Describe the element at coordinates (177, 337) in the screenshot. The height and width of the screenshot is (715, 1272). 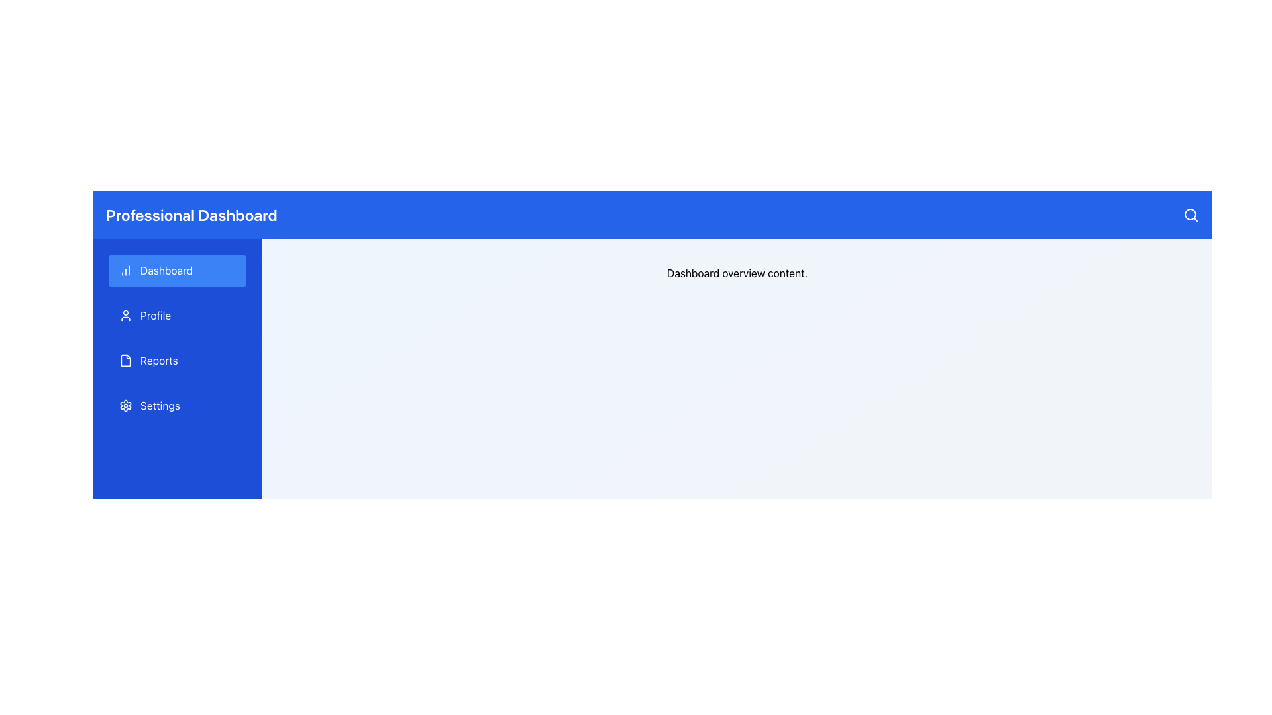
I see `the Vertical Sidebar Navigation Menu` at that location.